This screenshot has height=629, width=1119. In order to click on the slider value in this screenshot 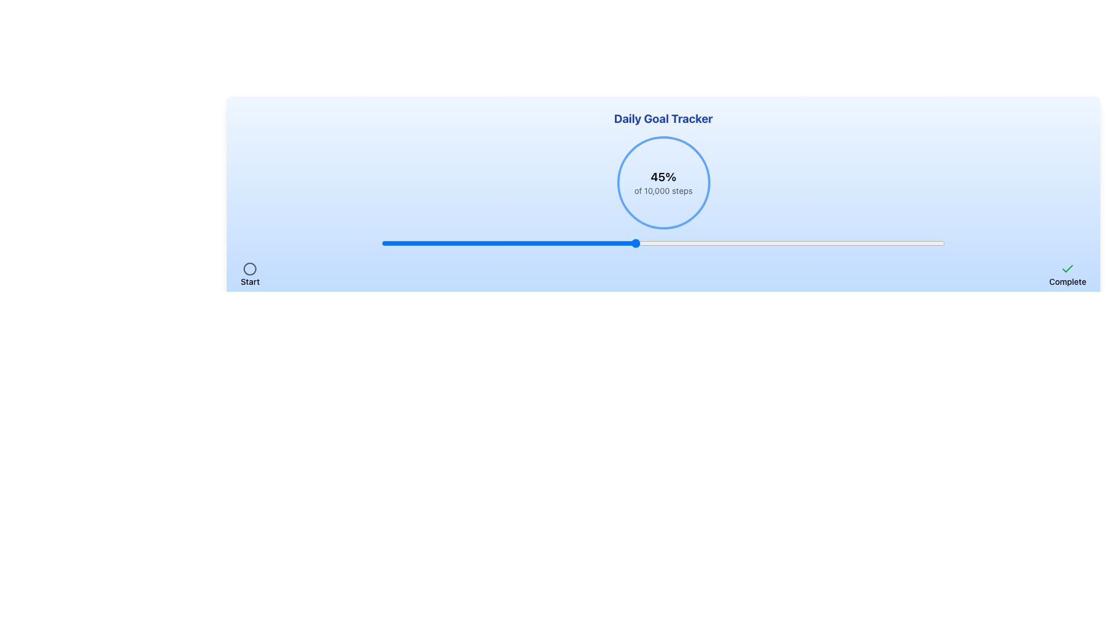, I will do `click(849, 242)`.